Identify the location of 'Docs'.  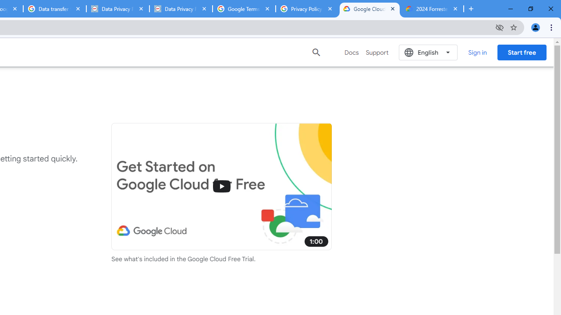
(352, 52).